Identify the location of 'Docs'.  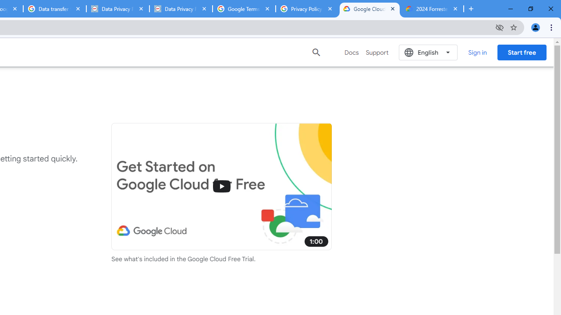
(352, 52).